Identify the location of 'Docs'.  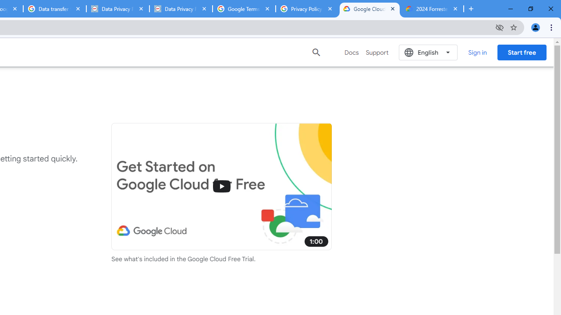
(352, 52).